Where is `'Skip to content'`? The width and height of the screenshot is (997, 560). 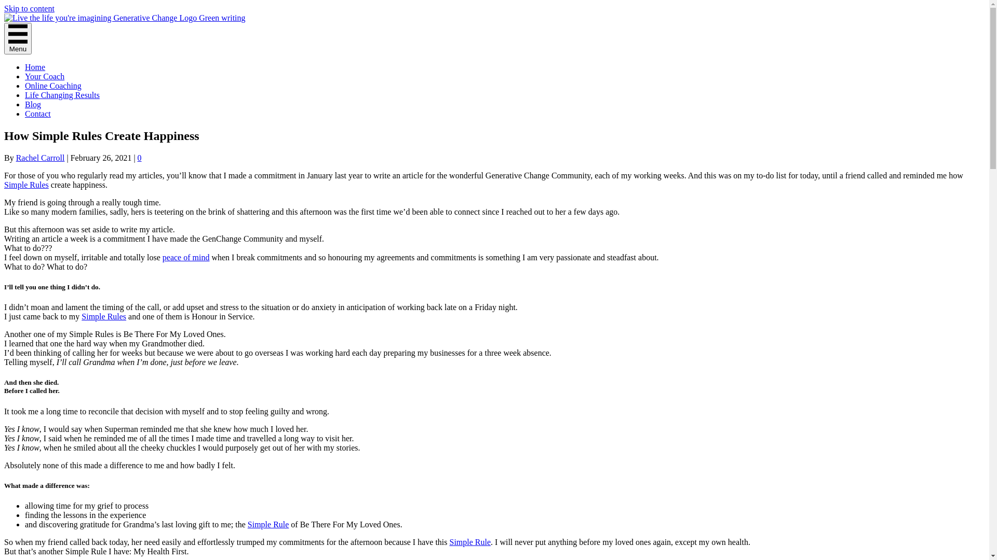 'Skip to content' is located at coordinates (29, 8).